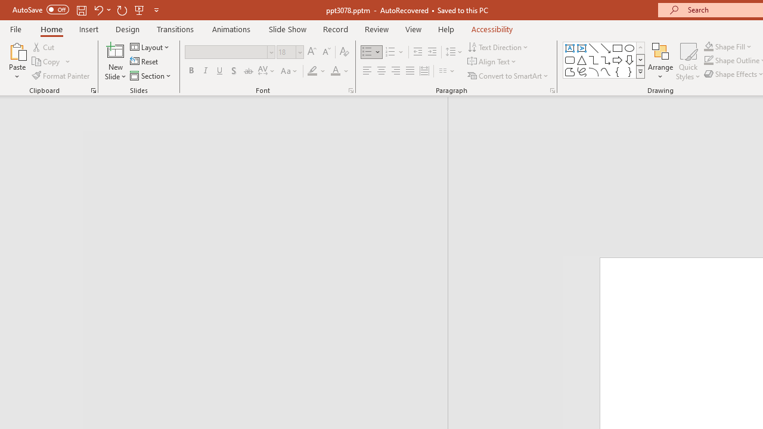 This screenshot has width=763, height=429. What do you see at coordinates (688, 61) in the screenshot?
I see `'Quick Styles'` at bounding box center [688, 61].